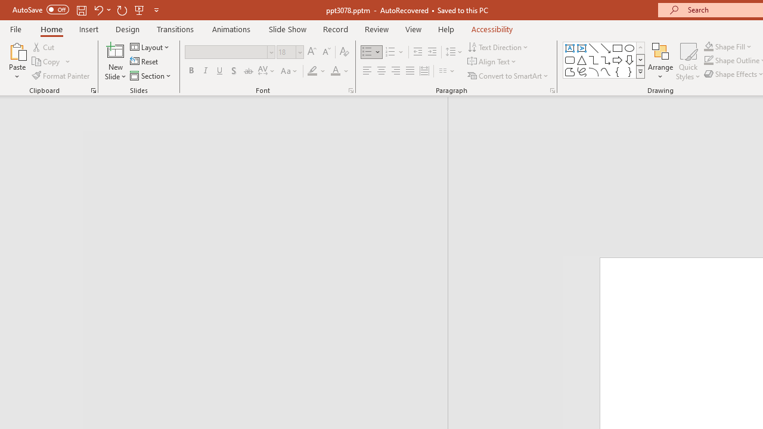 This screenshot has width=763, height=429. What do you see at coordinates (688, 61) in the screenshot?
I see `'Quick Styles'` at bounding box center [688, 61].